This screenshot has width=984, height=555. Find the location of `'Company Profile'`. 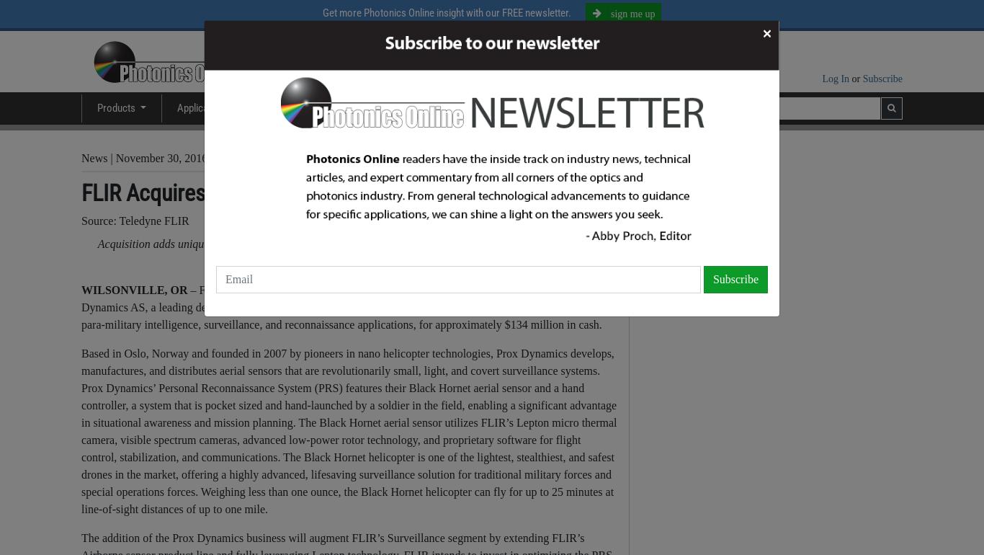

'Company Profile' is located at coordinates (707, 250).